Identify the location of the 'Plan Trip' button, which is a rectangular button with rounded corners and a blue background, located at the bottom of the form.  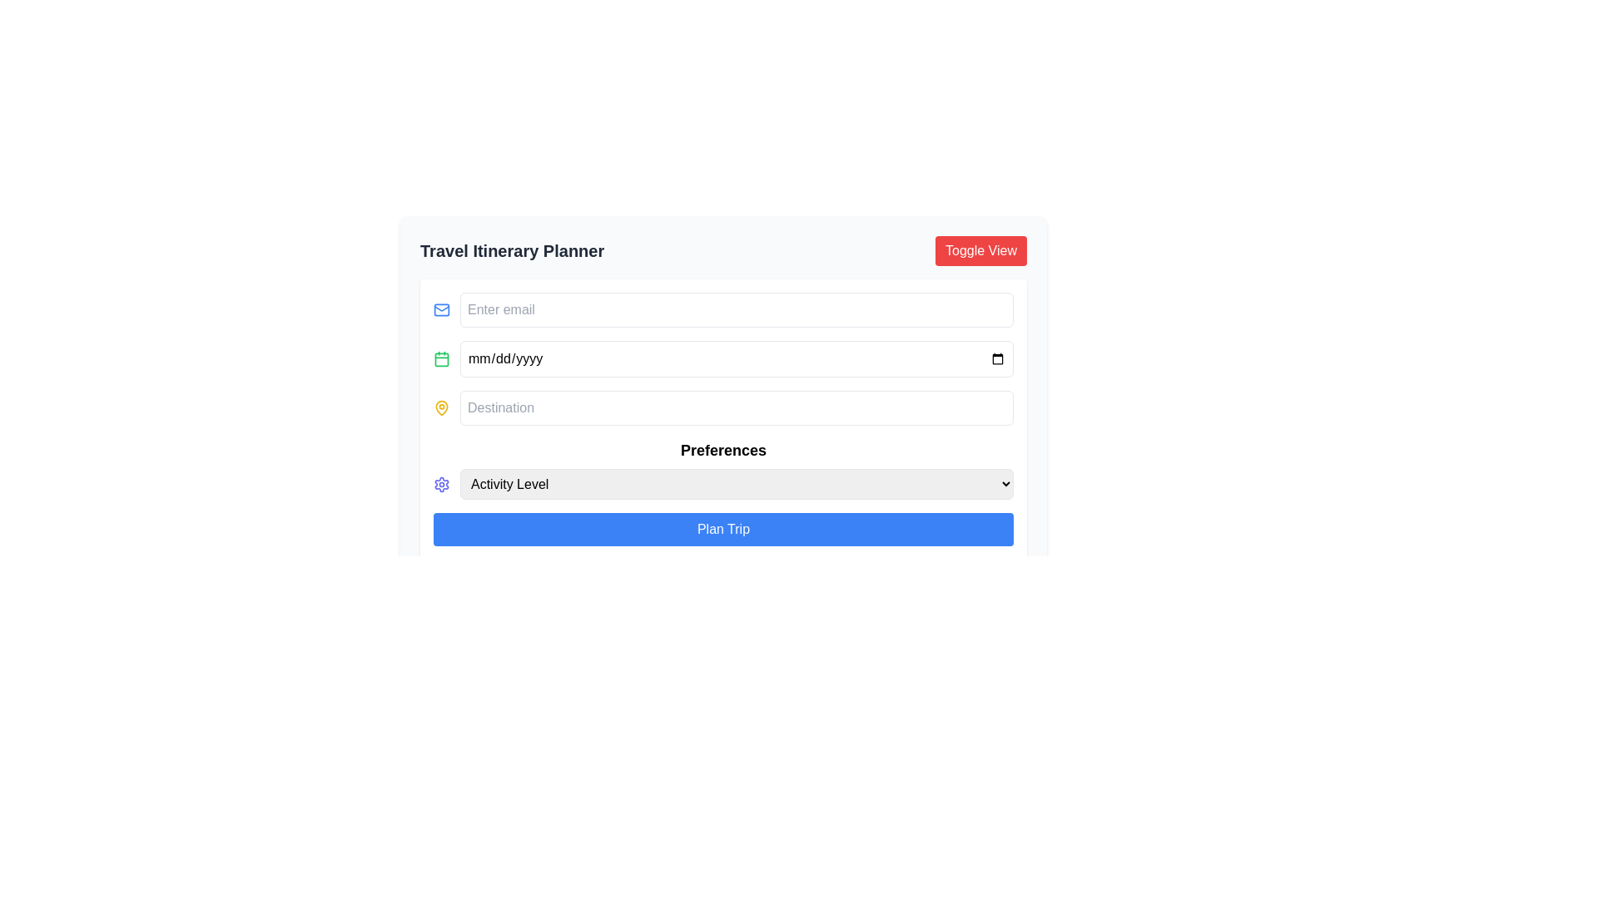
(723, 529).